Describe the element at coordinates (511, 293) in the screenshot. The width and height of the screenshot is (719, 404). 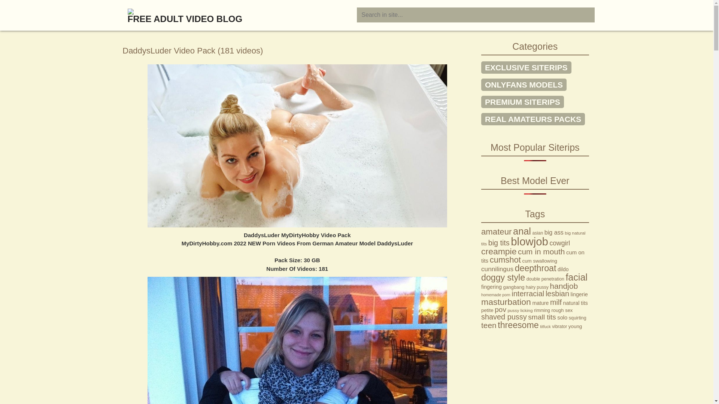
I see `'interracial'` at that location.